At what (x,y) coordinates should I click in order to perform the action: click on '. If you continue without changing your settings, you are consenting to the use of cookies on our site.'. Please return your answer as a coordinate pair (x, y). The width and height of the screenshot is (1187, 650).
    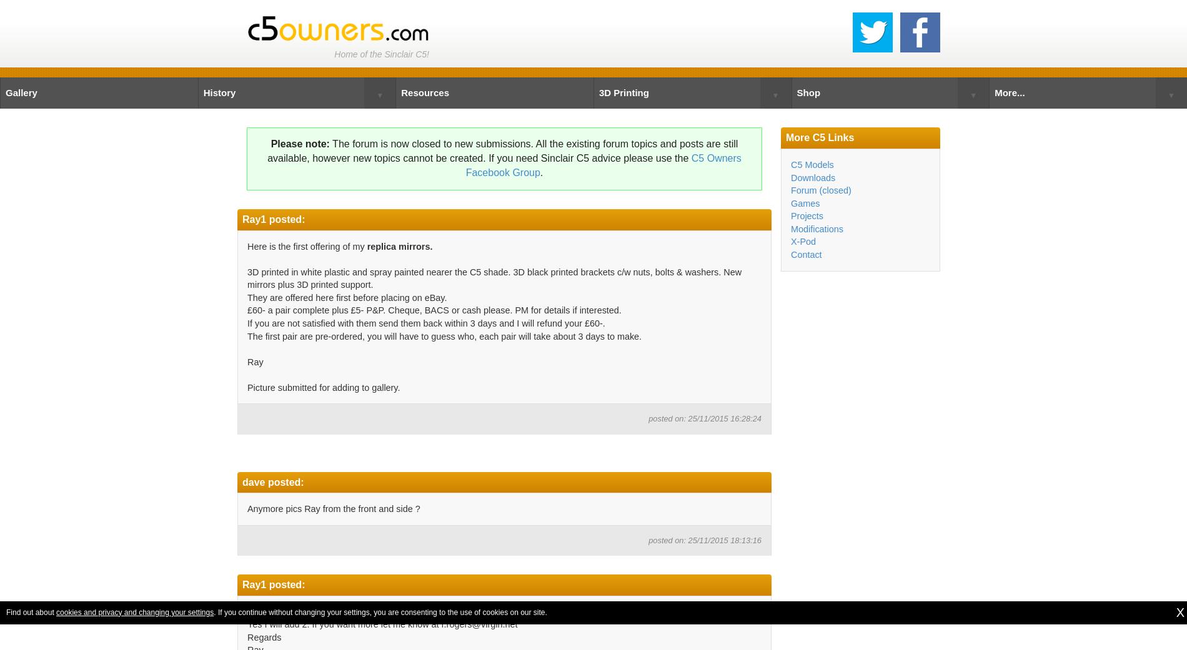
    Looking at the image, I should click on (380, 611).